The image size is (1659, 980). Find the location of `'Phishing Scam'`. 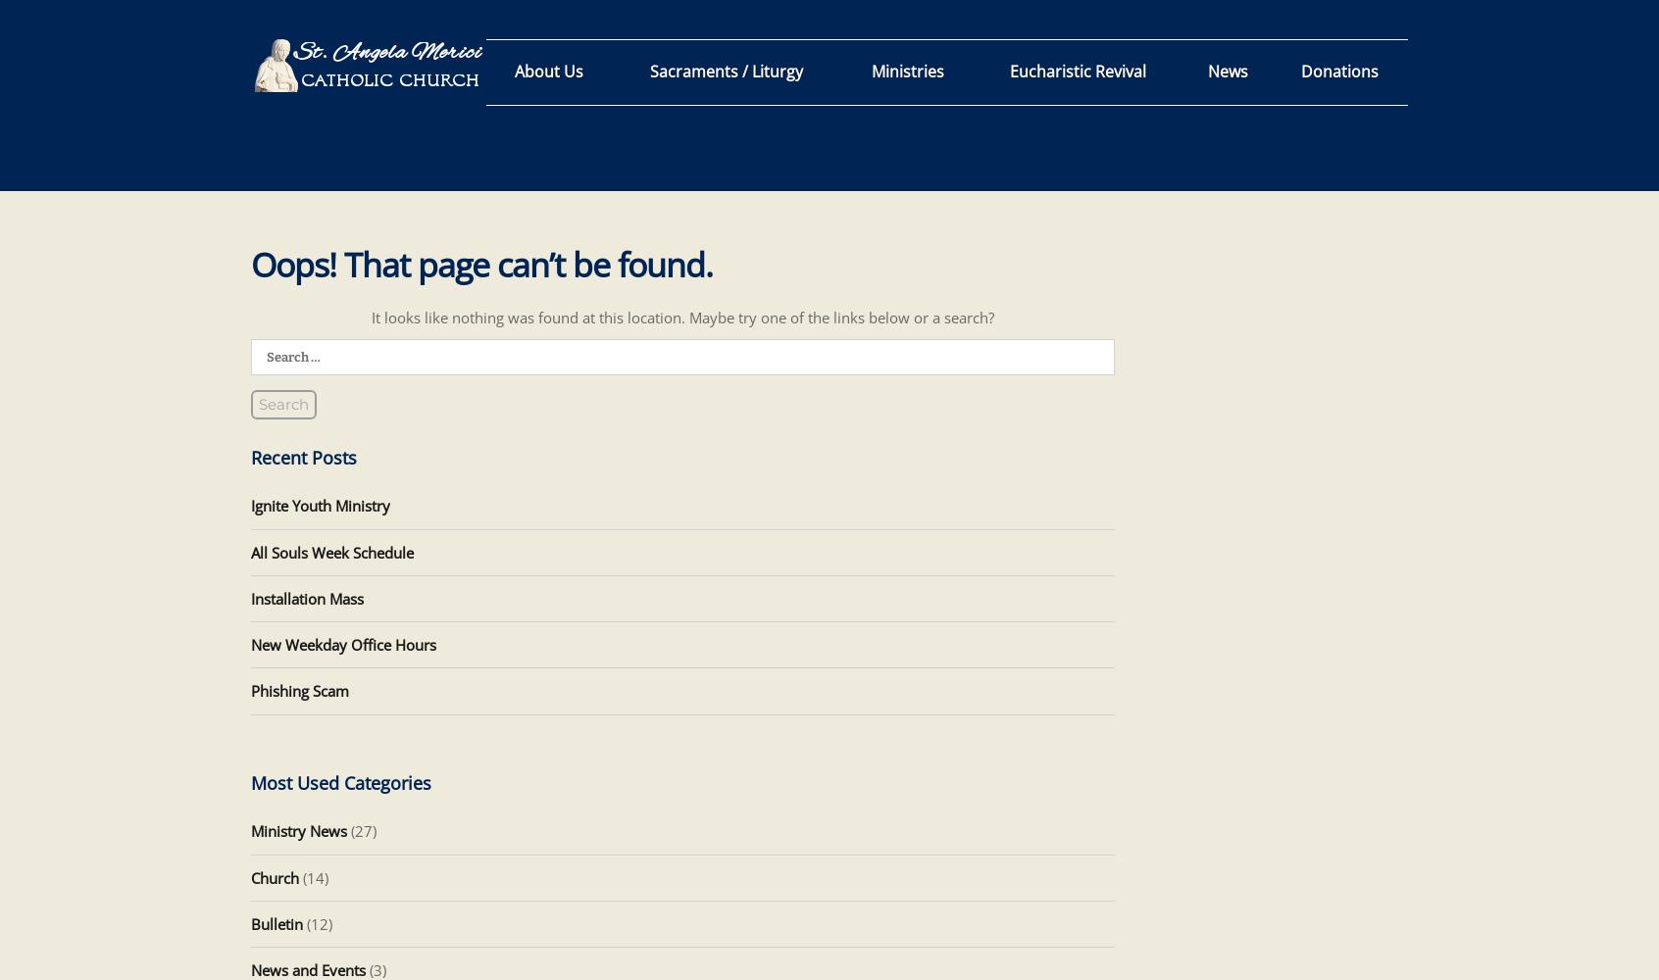

'Phishing Scam' is located at coordinates (298, 690).